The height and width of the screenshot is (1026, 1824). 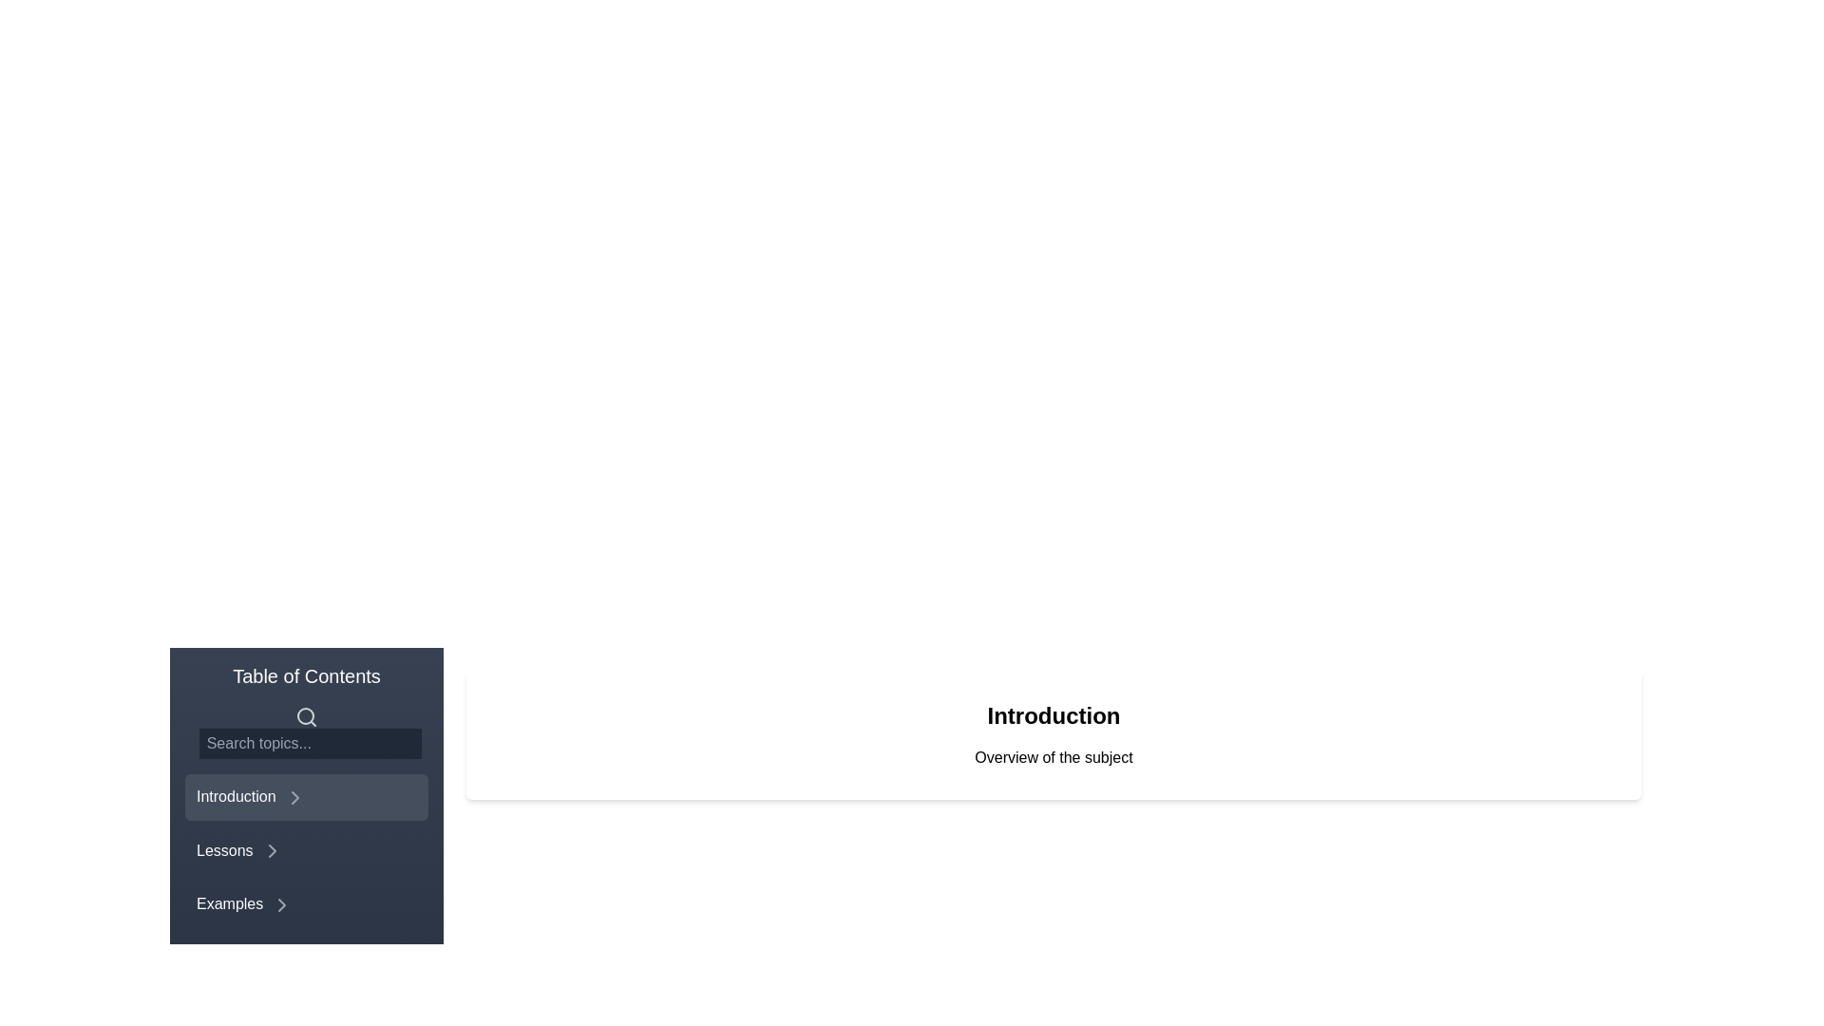 What do you see at coordinates (306, 731) in the screenshot?
I see `the search bar input field located in the sidebar, below the 'Table of Contents' title, to focus on it` at bounding box center [306, 731].